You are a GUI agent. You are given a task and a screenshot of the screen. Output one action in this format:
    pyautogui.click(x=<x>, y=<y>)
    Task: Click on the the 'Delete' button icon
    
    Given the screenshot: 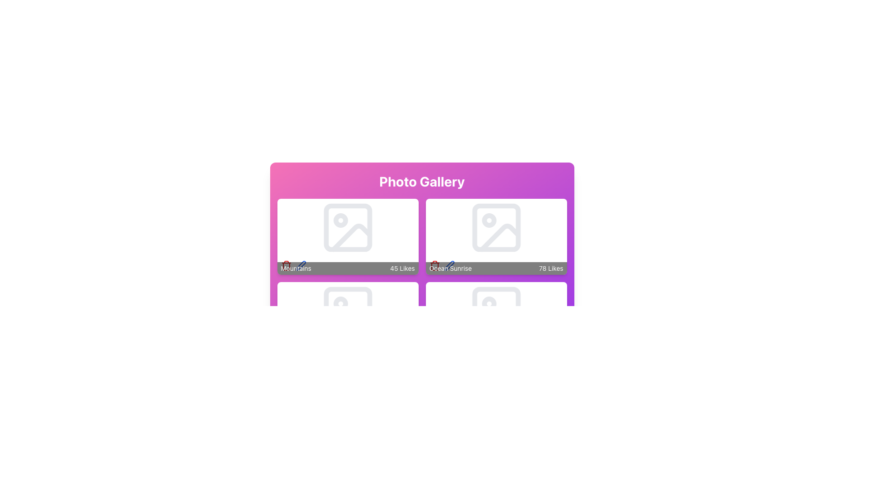 What is the action you would take?
    pyautogui.click(x=434, y=265)
    